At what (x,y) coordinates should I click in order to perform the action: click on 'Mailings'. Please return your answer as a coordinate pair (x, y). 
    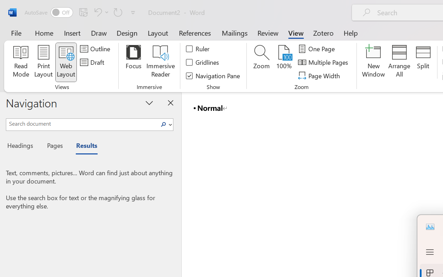
    Looking at the image, I should click on (235, 33).